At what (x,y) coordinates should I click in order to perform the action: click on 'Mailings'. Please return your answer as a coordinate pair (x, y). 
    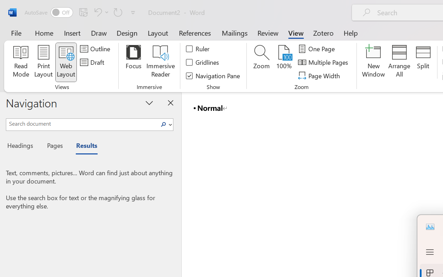
    Looking at the image, I should click on (235, 33).